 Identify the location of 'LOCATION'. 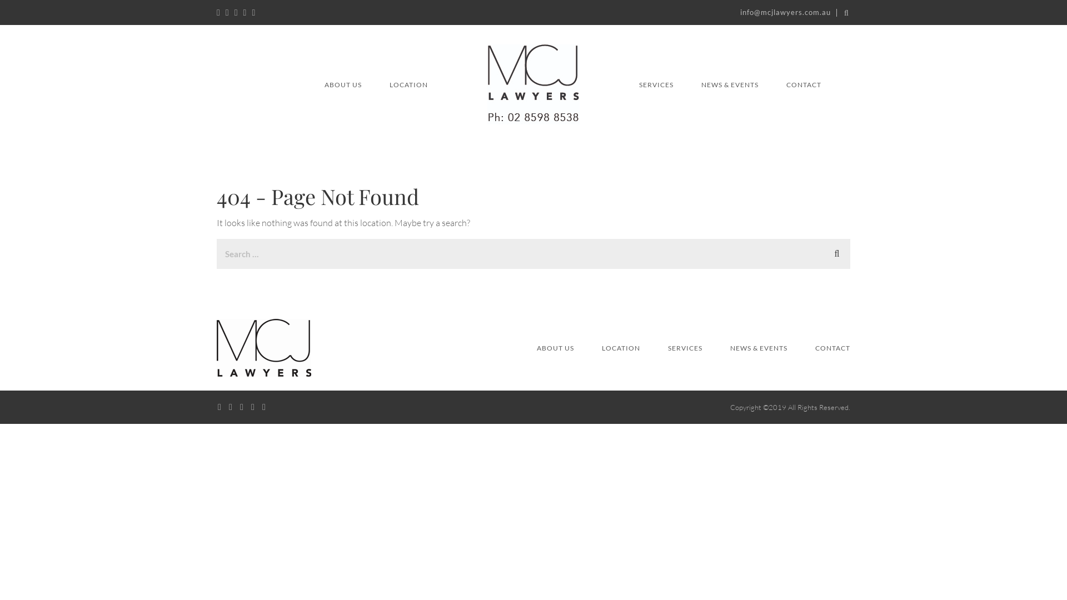
(408, 84).